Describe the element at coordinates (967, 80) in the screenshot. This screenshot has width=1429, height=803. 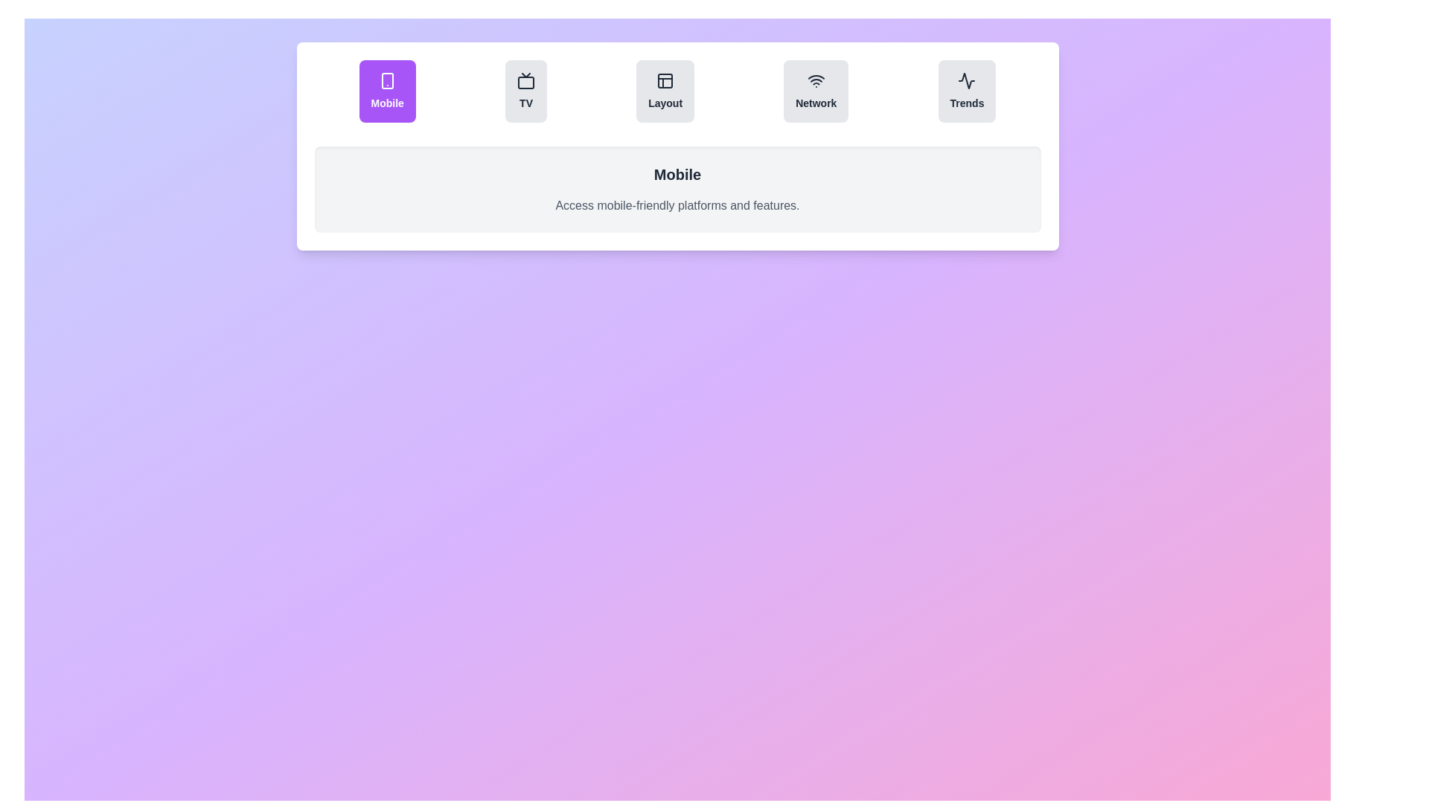
I see `the 'Trends' icon located in the top row of the interface, which serves as a link to the trending data section` at that location.